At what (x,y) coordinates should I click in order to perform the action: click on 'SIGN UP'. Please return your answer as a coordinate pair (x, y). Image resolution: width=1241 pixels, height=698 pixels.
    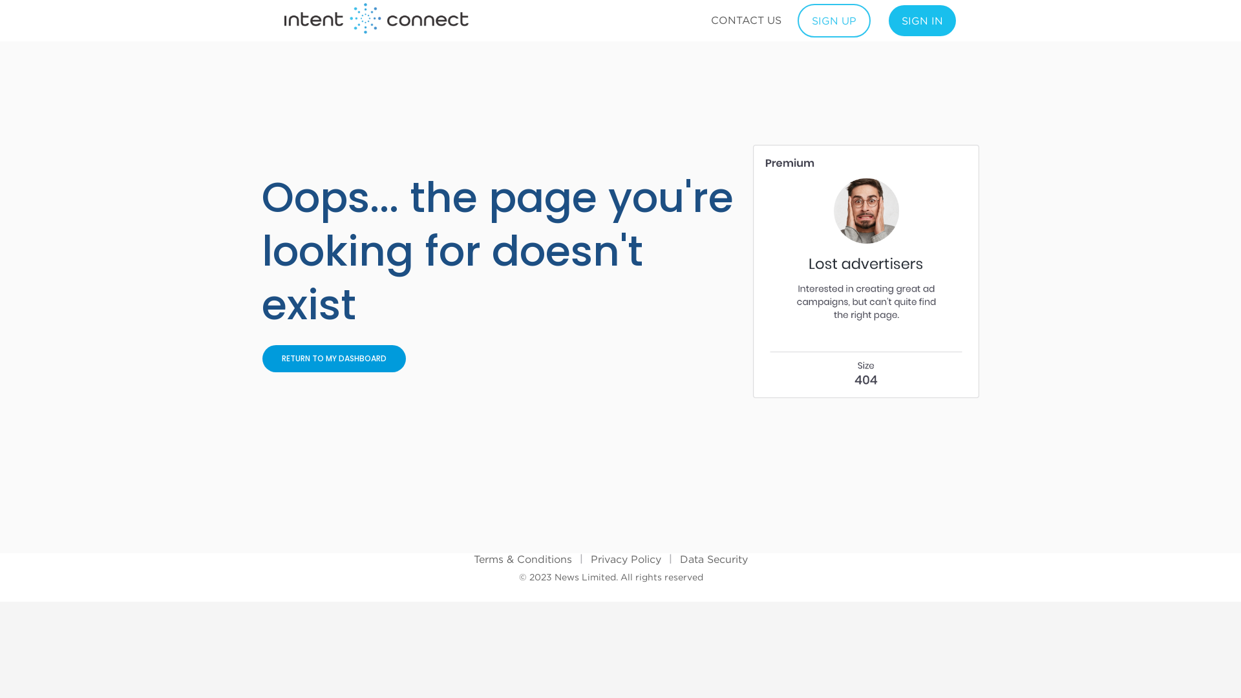
    Looking at the image, I should click on (796, 20).